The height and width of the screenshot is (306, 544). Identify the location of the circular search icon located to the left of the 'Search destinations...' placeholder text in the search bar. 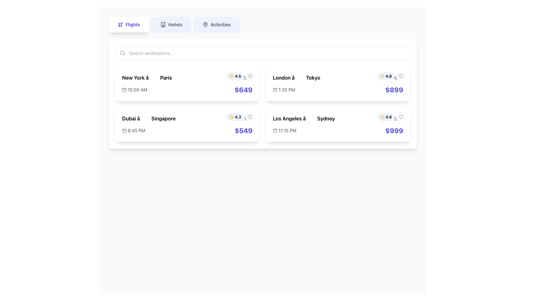
(122, 53).